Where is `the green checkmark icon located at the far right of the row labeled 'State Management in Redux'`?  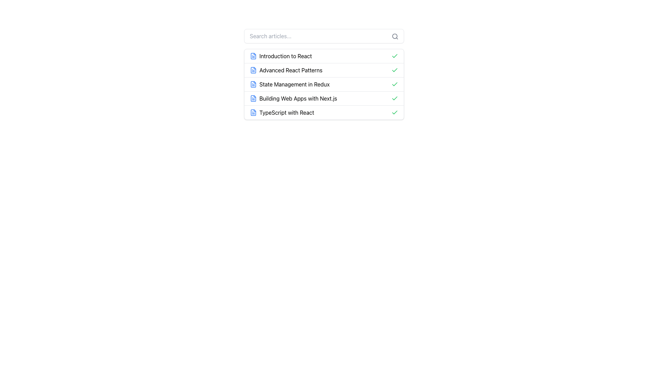
the green checkmark icon located at the far right of the row labeled 'State Management in Redux' is located at coordinates (394, 84).